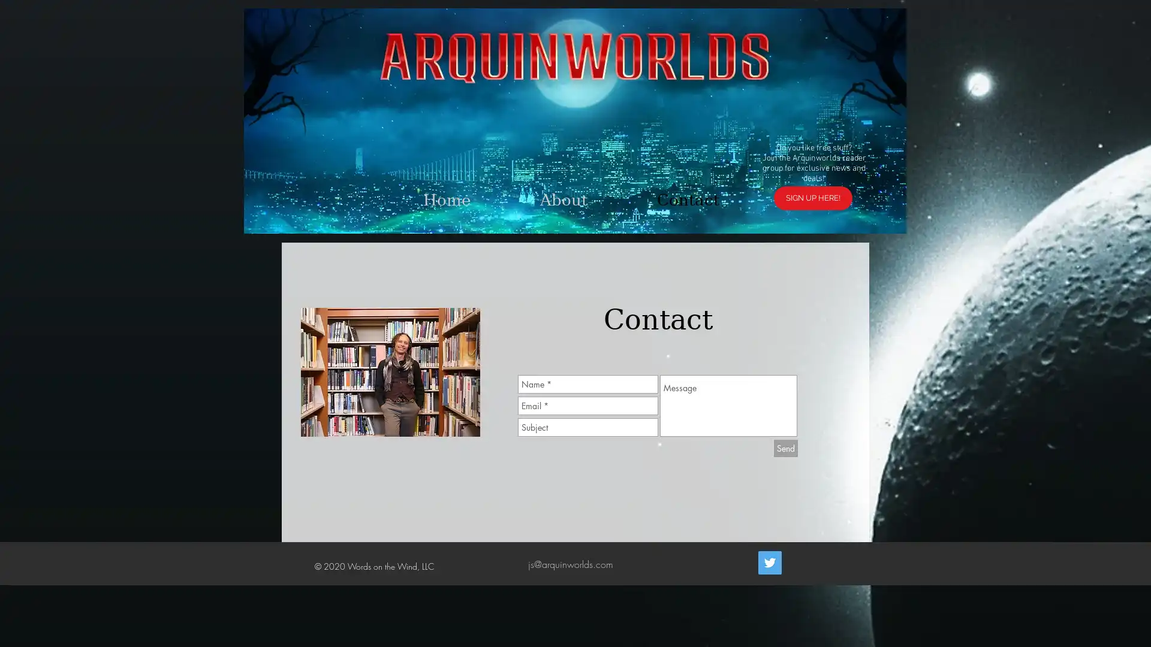  What do you see at coordinates (785, 448) in the screenshot?
I see `Send` at bounding box center [785, 448].